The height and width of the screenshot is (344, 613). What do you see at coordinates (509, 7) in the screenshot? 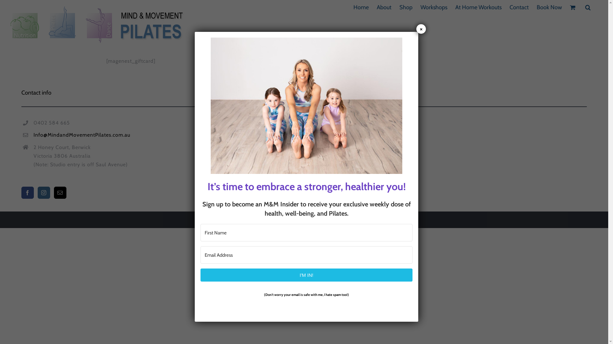
I see `'Contact'` at bounding box center [509, 7].